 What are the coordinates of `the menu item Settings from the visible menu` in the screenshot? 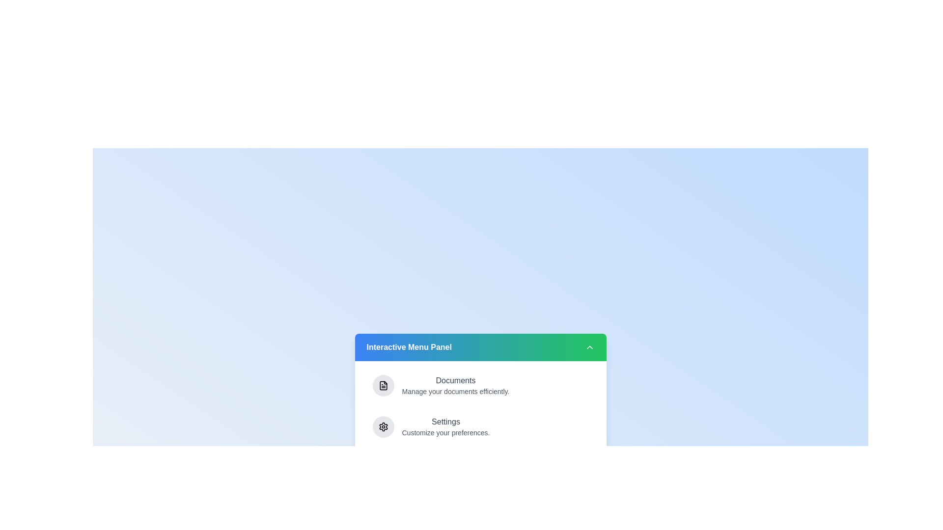 It's located at (480, 426).